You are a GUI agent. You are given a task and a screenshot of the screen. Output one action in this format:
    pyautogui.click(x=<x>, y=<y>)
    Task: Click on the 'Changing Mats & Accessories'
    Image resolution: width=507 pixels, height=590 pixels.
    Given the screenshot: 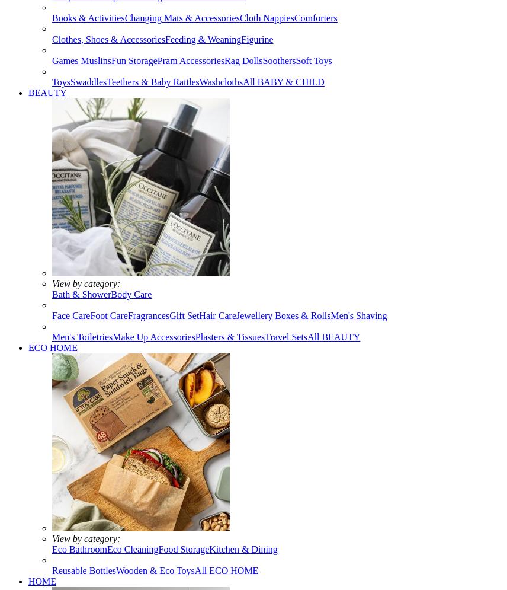 What is the action you would take?
    pyautogui.click(x=181, y=18)
    